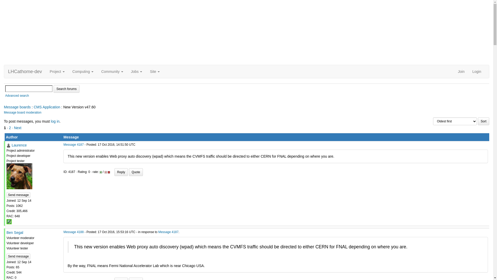 This screenshot has height=280, width=497. What do you see at coordinates (136, 72) in the screenshot?
I see `'Jobs'` at bounding box center [136, 72].